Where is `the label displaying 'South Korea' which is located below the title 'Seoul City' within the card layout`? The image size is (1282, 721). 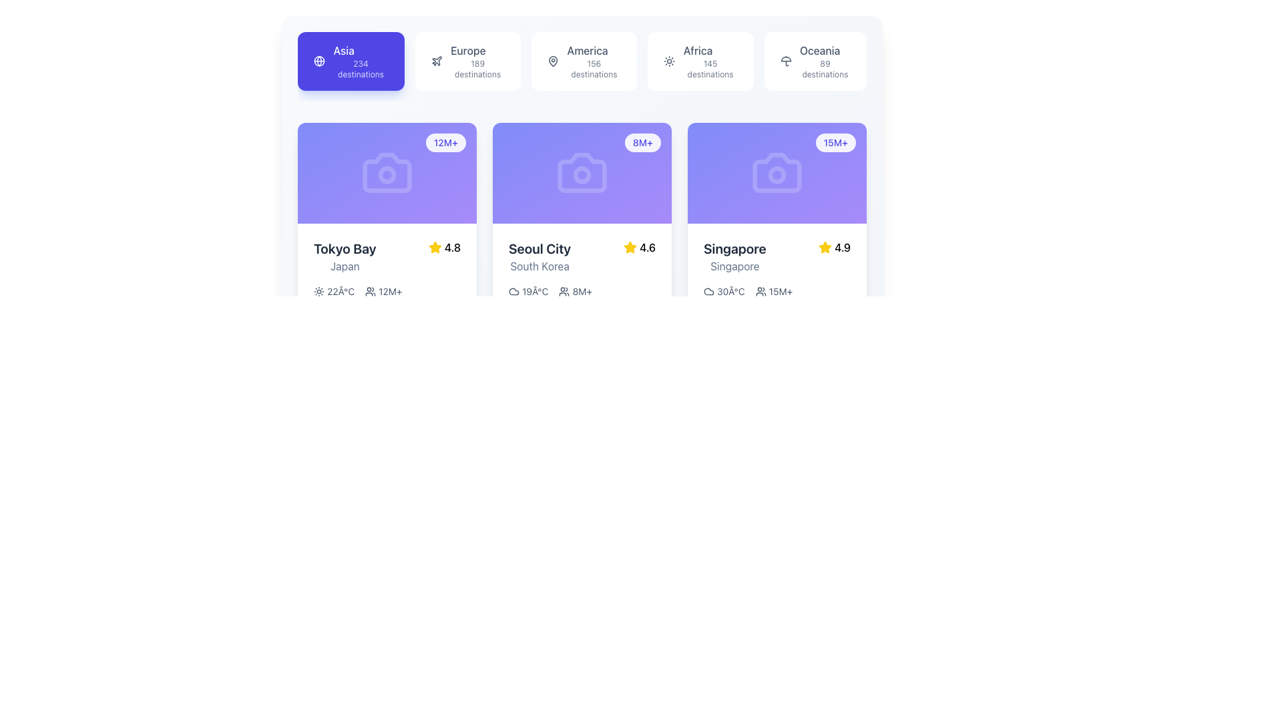
the label displaying 'South Korea' which is located below the title 'Seoul City' within the card layout is located at coordinates (540, 266).